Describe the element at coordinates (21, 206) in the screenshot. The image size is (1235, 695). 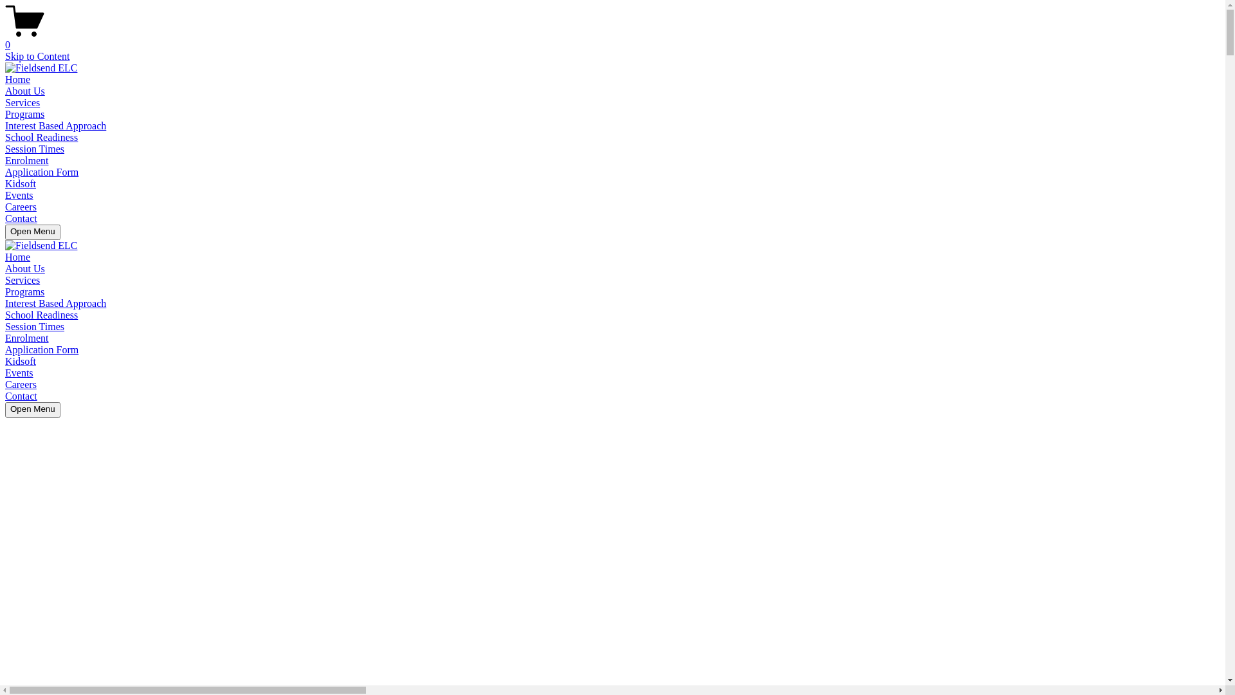
I see `'Careers'` at that location.